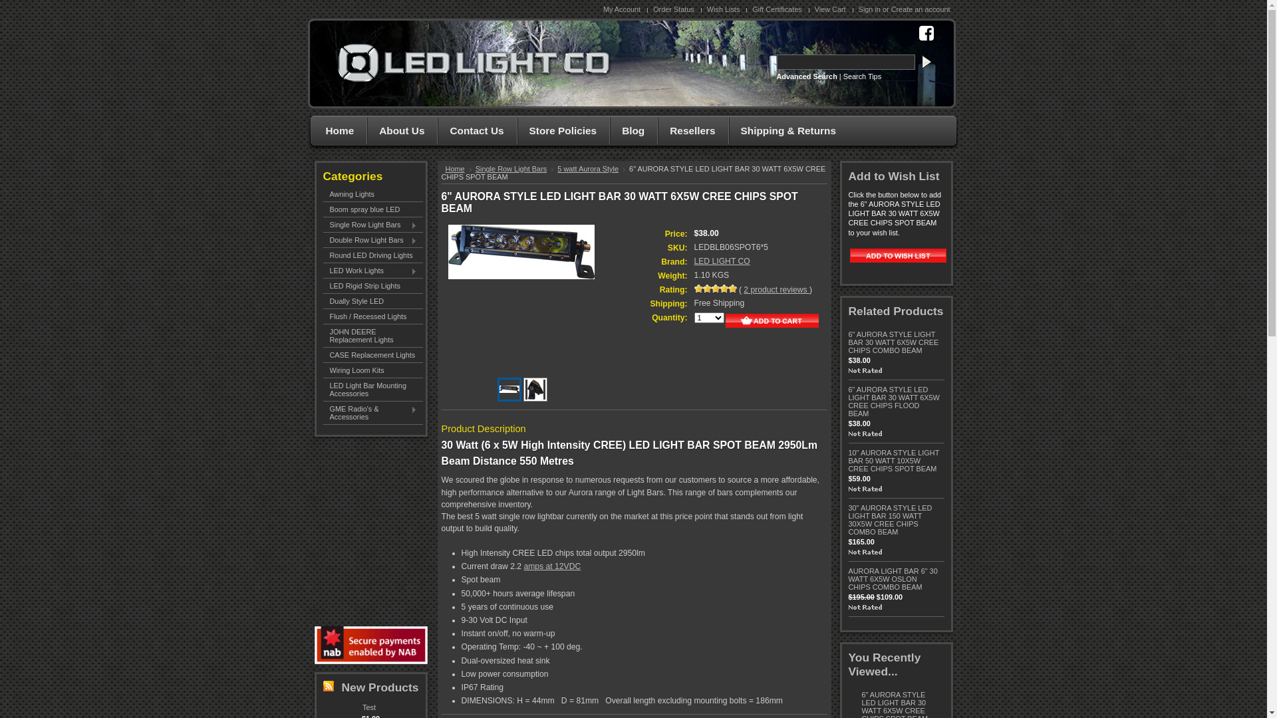  What do you see at coordinates (920, 9) in the screenshot?
I see `'Create an account'` at bounding box center [920, 9].